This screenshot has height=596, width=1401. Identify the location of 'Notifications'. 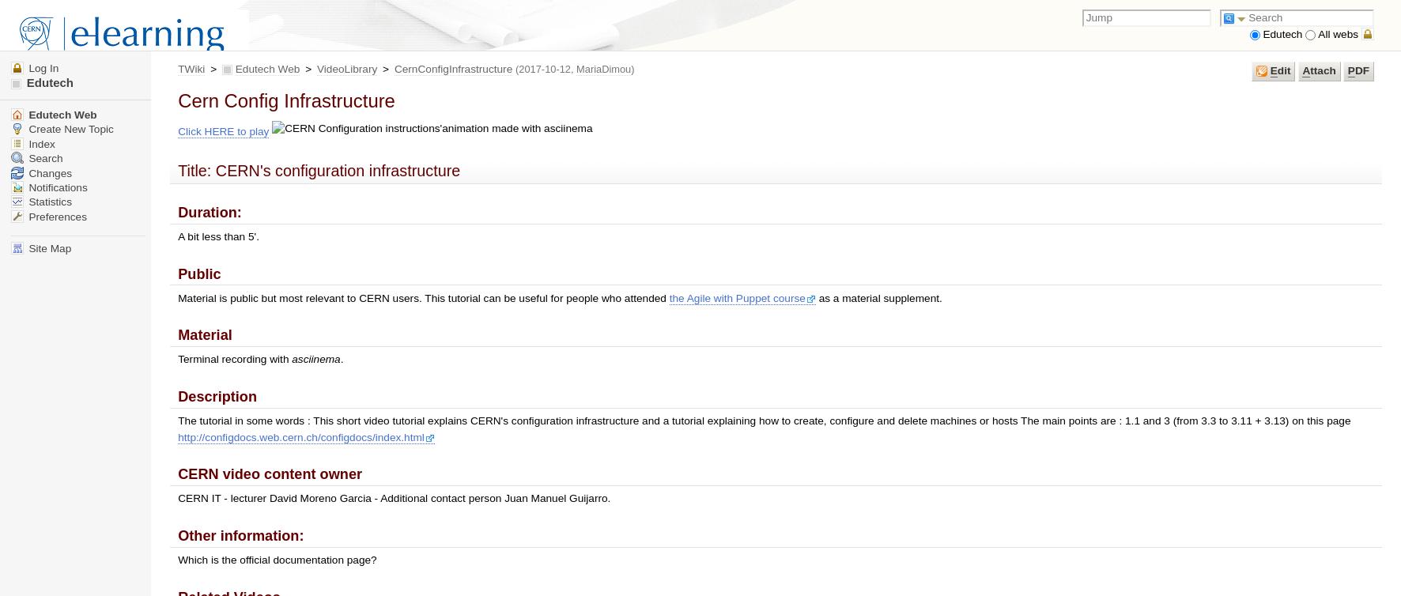
(25, 187).